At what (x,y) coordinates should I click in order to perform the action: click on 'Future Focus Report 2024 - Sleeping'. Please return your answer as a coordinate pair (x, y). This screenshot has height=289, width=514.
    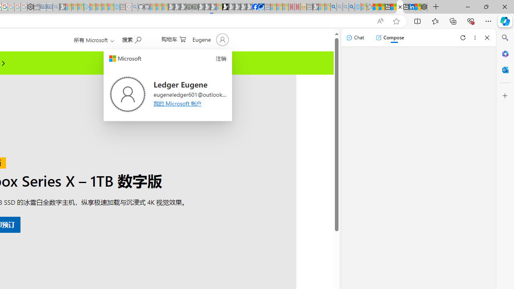
    Looking at the image, I should click on (195, 7).